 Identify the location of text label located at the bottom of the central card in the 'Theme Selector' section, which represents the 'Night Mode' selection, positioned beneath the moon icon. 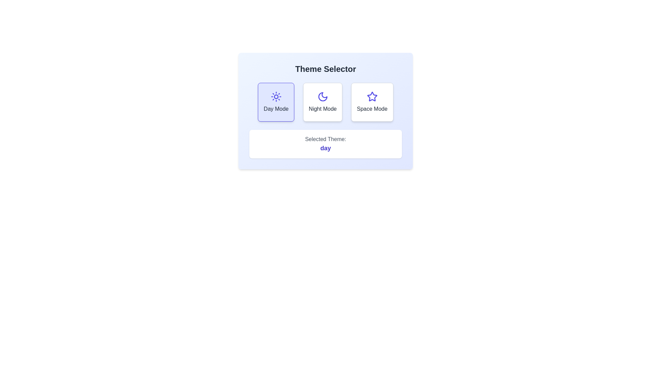
(322, 109).